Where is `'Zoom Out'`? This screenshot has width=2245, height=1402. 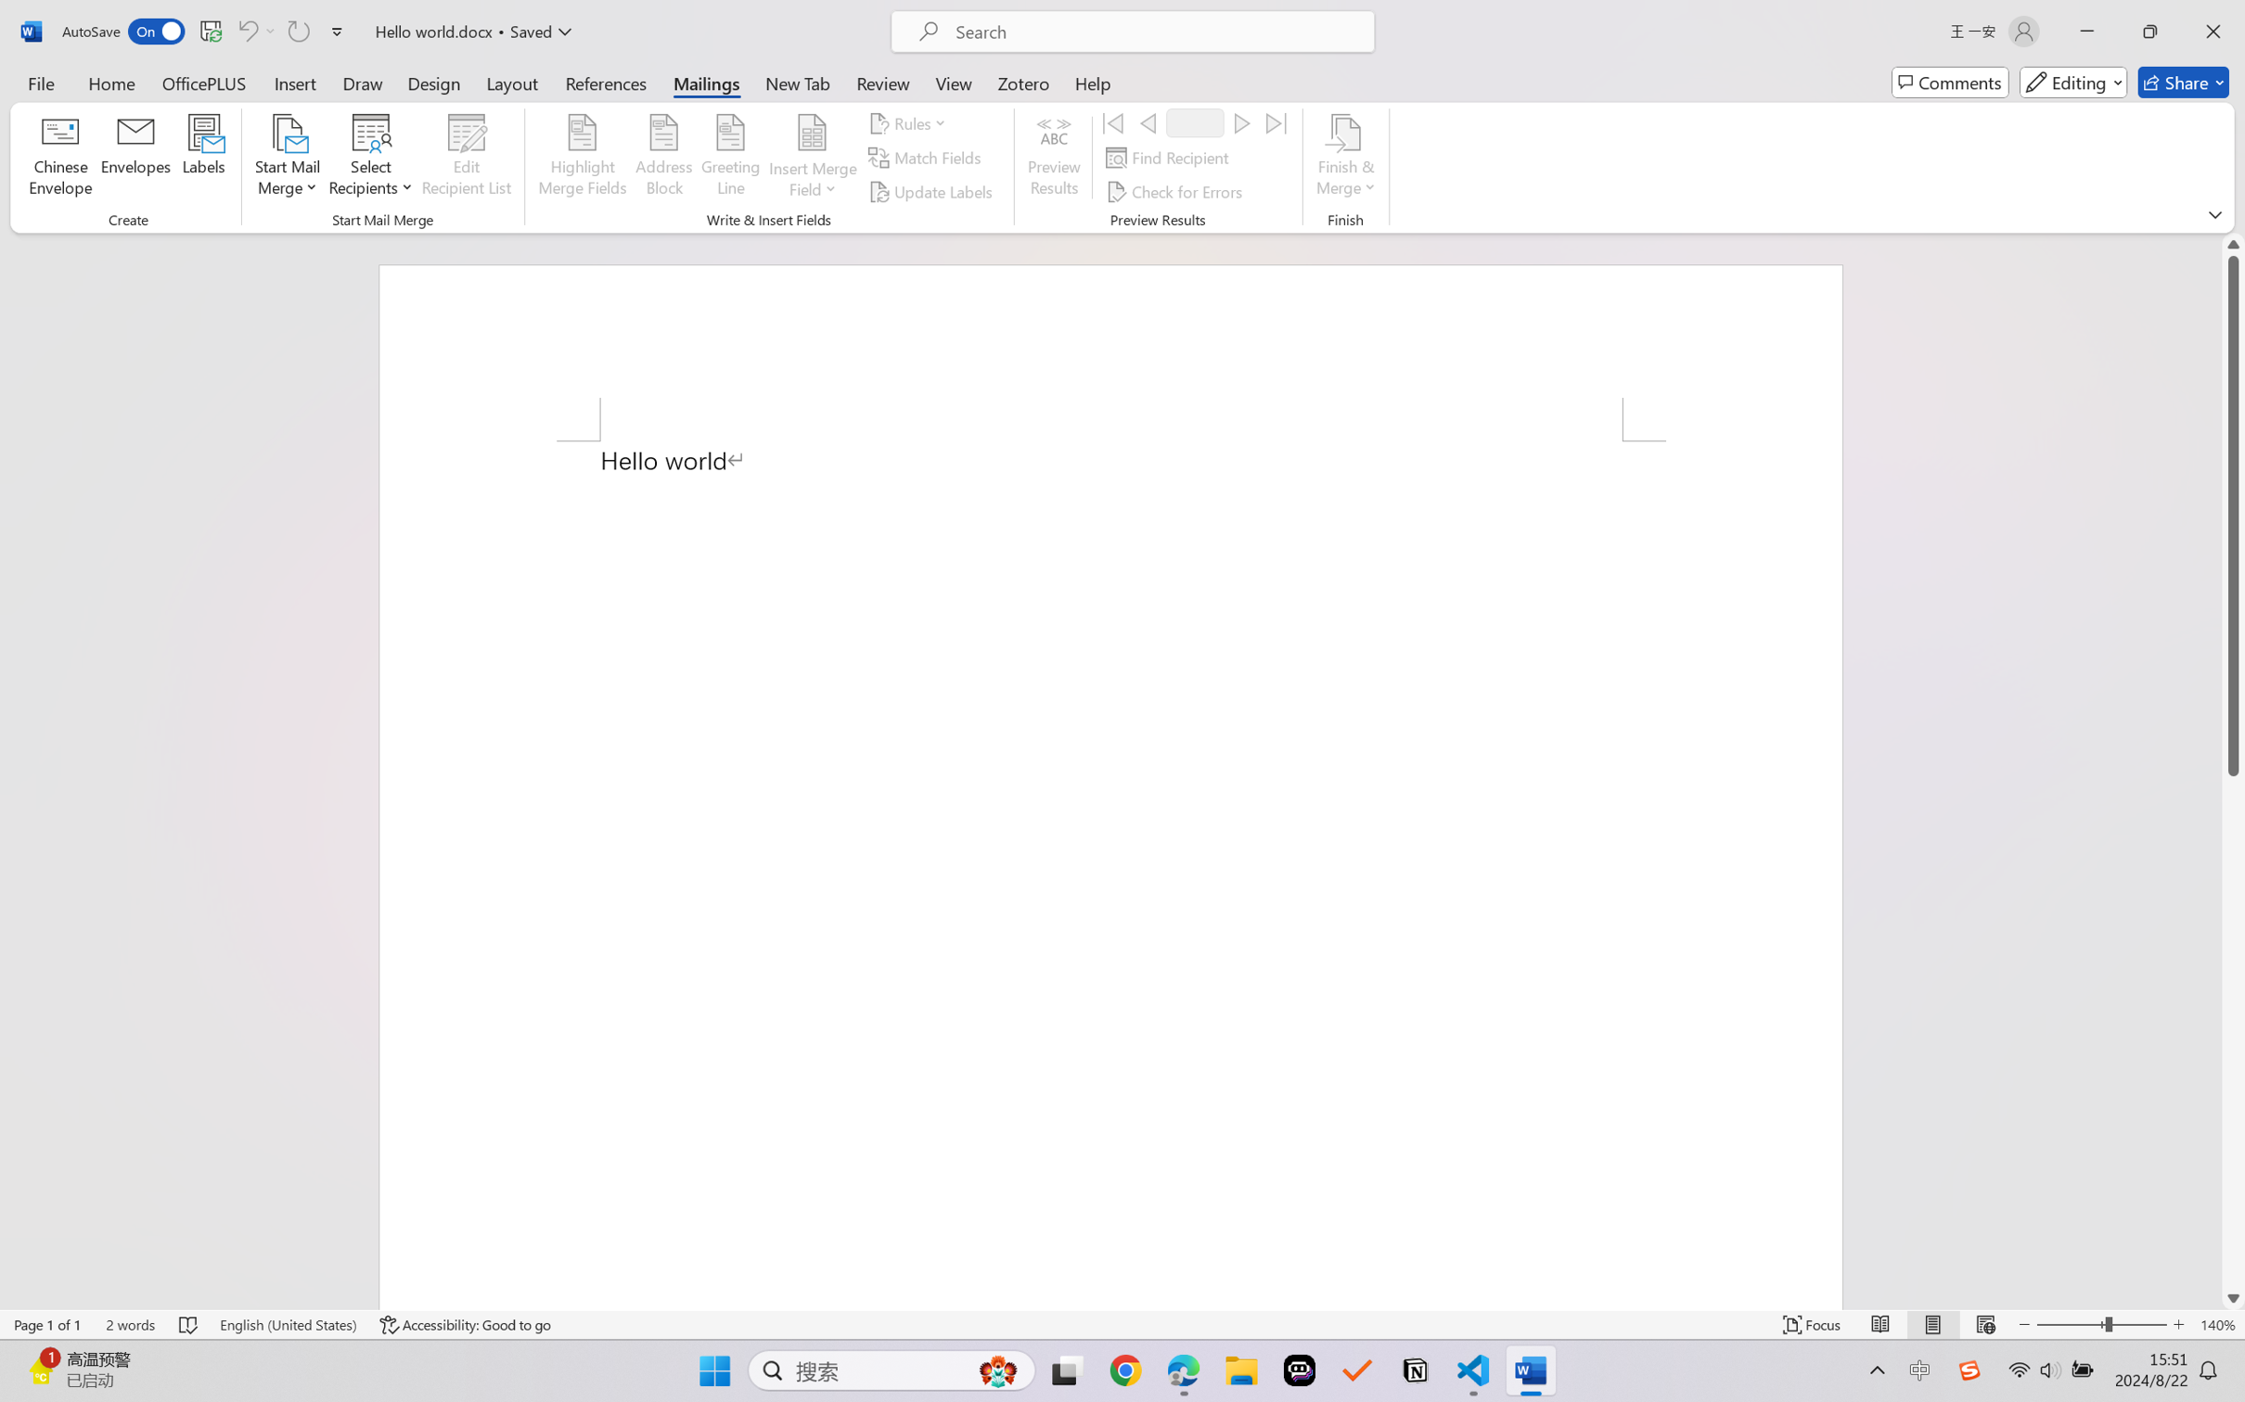
'Zoom Out' is located at coordinates (2070, 1324).